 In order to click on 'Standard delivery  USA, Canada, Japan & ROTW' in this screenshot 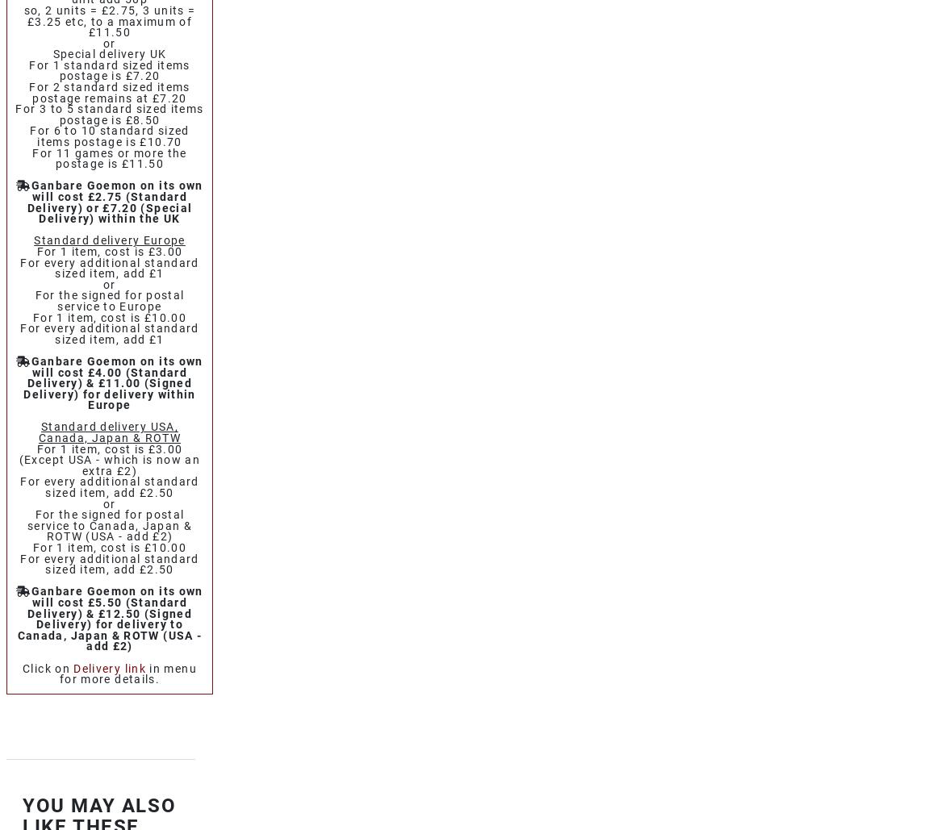, I will do `click(109, 432)`.